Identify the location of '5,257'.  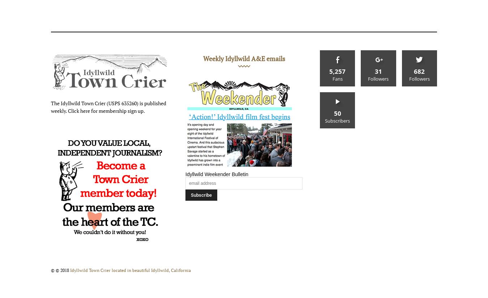
(337, 71).